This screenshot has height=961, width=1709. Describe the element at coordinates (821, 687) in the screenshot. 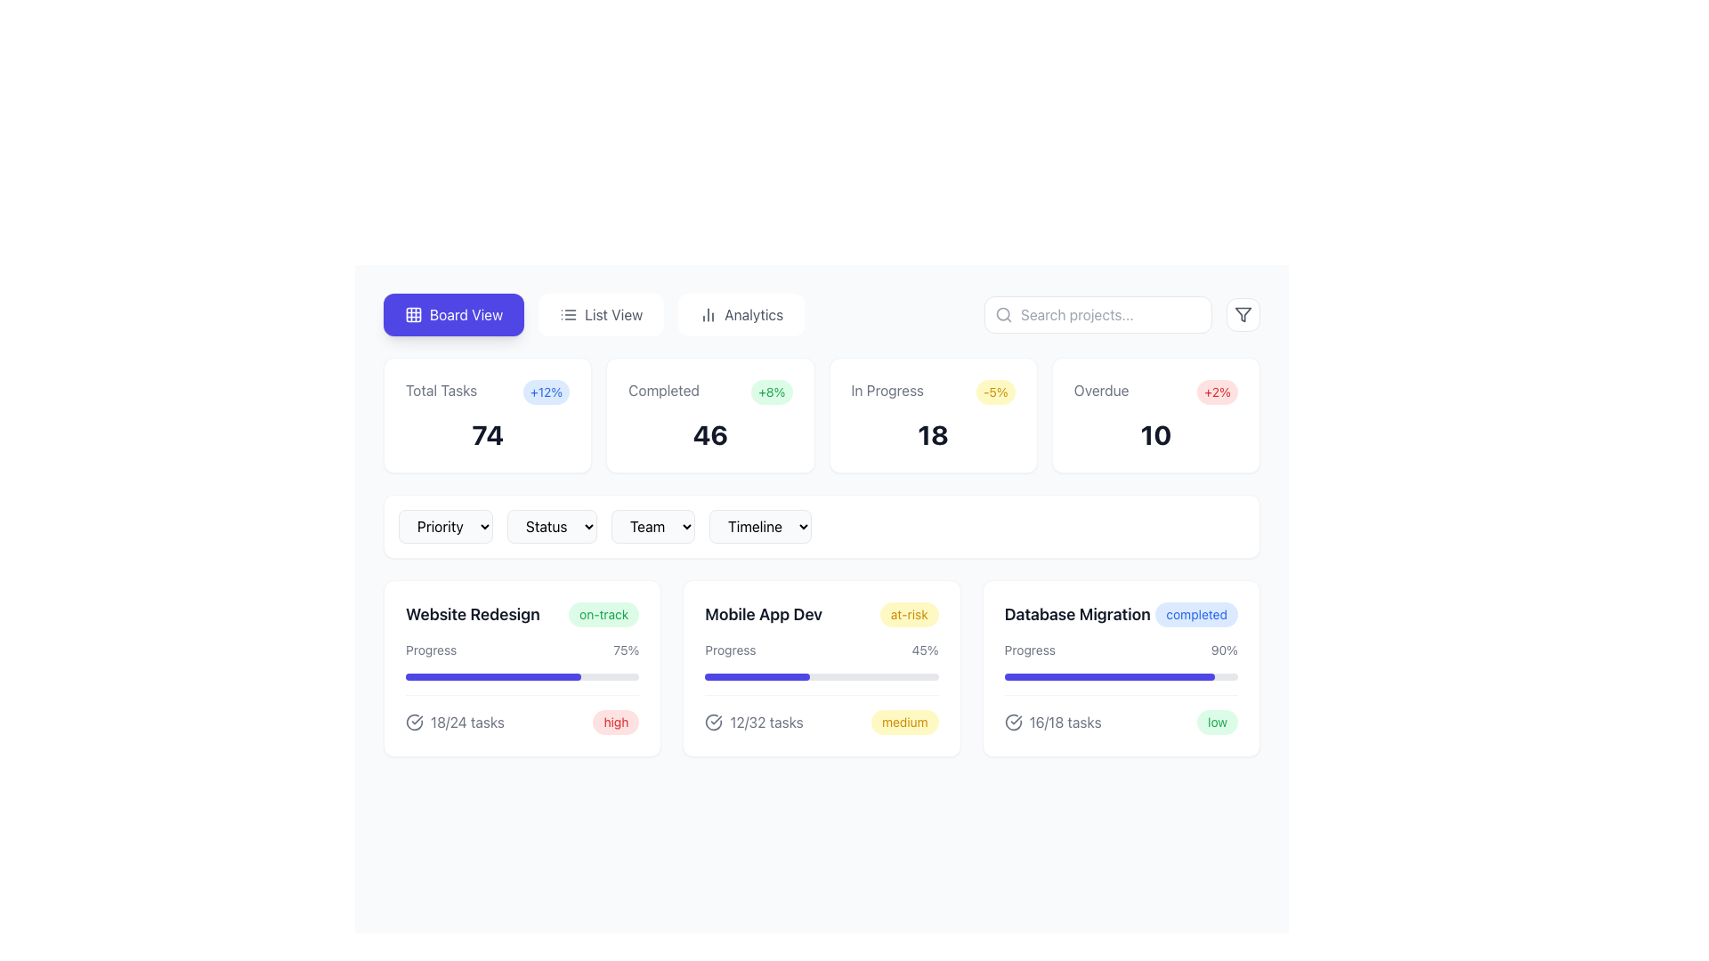

I see `the Progress Tracker Widget card located in the second column of the second row under the 'Board View' dashboard` at that location.